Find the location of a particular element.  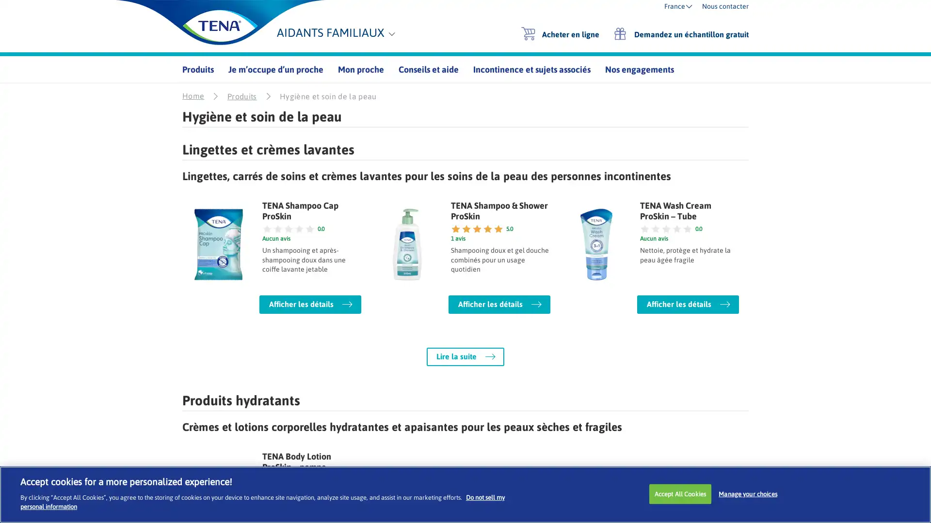

Conseils et aide is located at coordinates (428, 69).